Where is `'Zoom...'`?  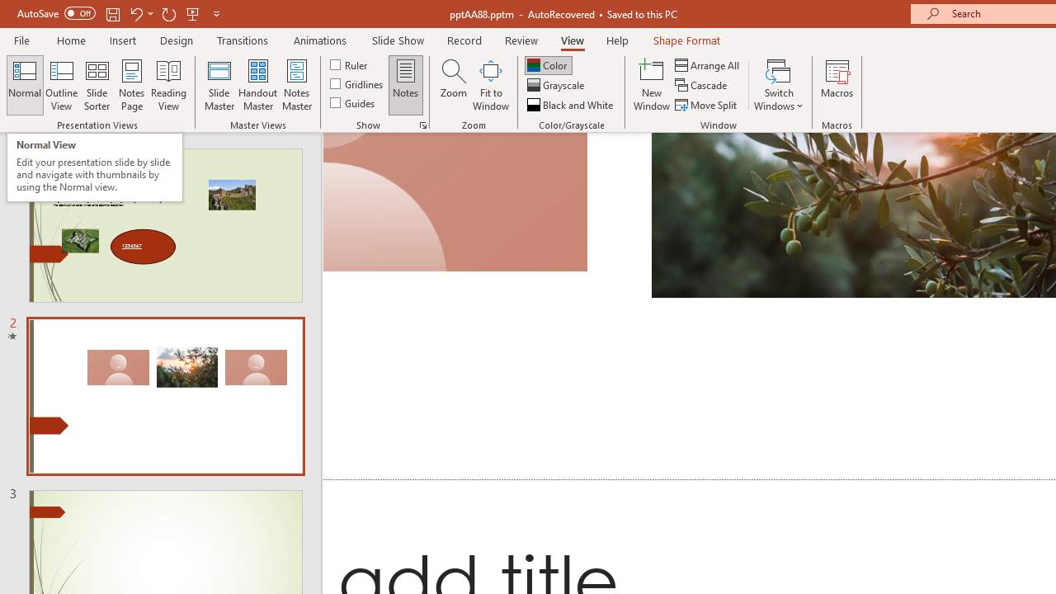 'Zoom...' is located at coordinates (453, 85).